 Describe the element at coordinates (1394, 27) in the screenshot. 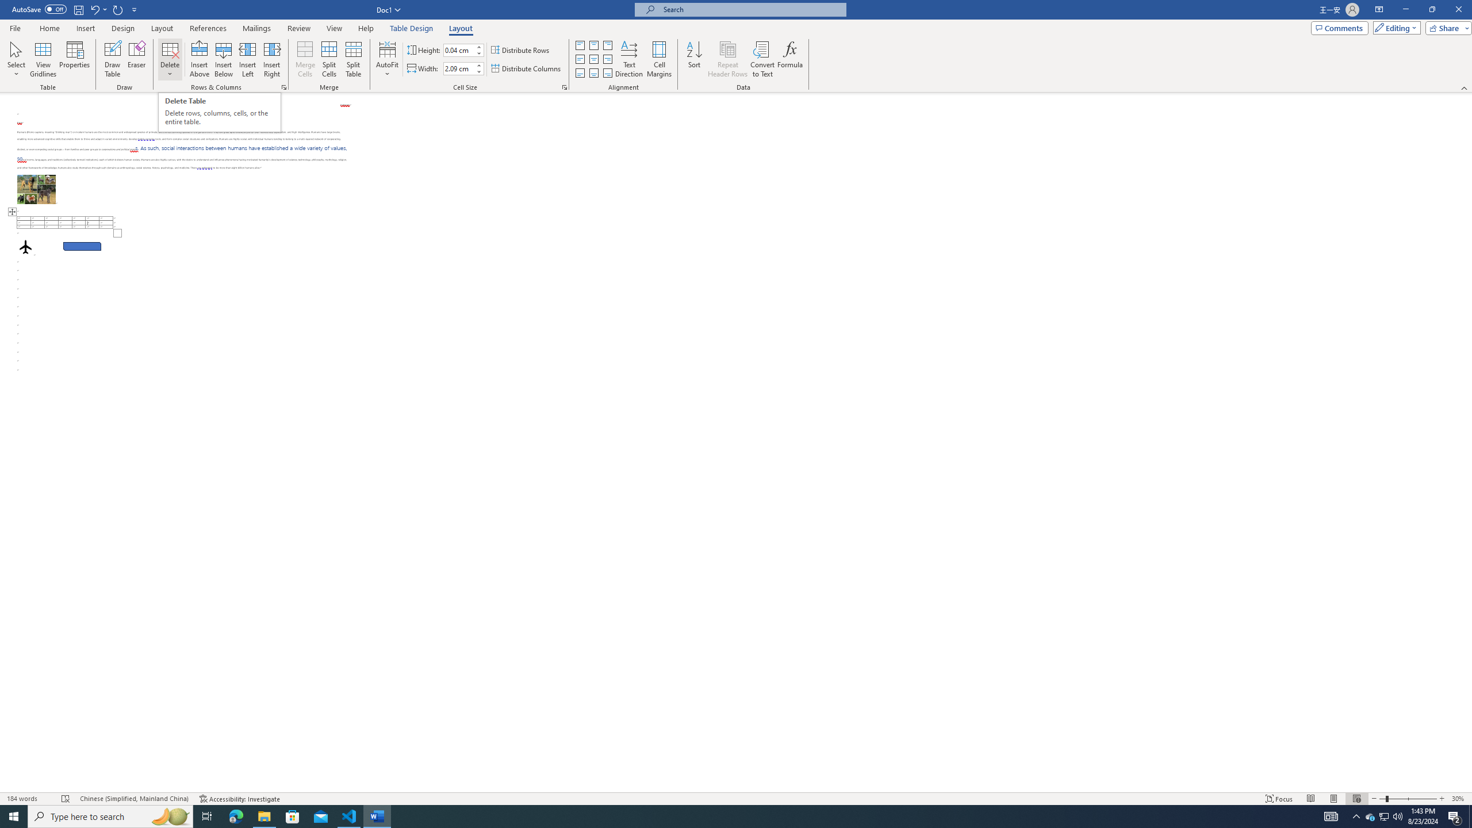

I see `'Editing'` at that location.